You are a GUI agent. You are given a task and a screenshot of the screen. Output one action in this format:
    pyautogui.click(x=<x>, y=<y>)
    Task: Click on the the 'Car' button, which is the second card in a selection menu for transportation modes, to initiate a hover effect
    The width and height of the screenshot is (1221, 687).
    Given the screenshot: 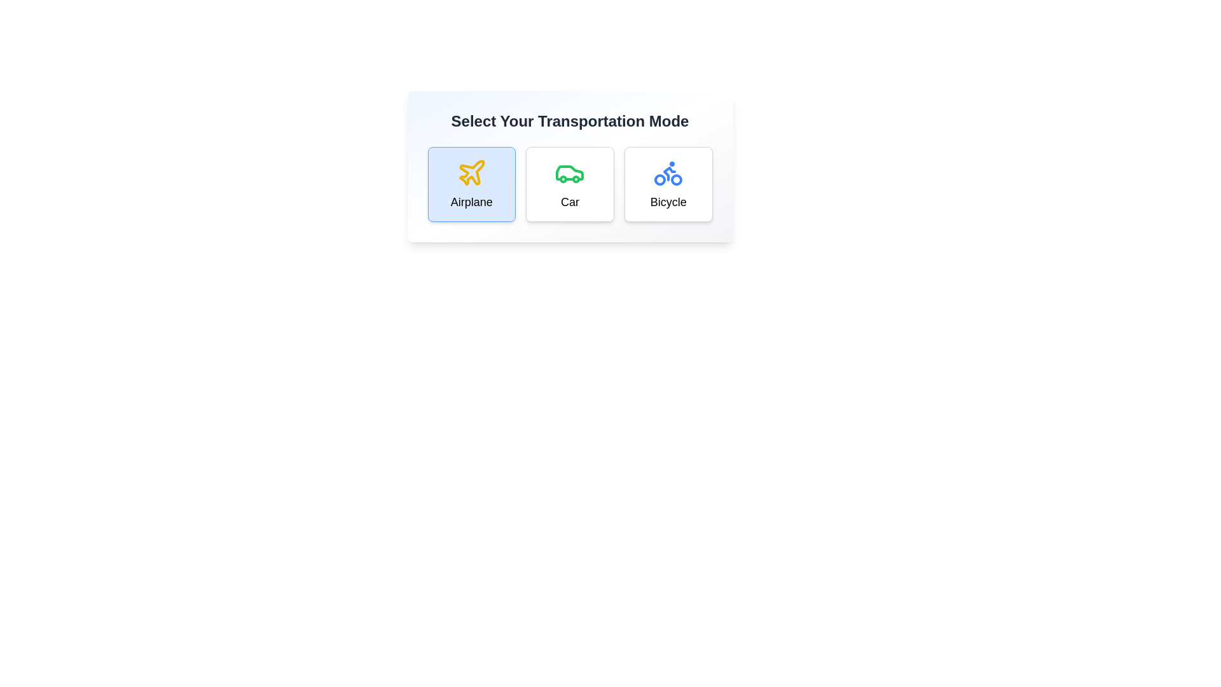 What is the action you would take?
    pyautogui.click(x=569, y=184)
    